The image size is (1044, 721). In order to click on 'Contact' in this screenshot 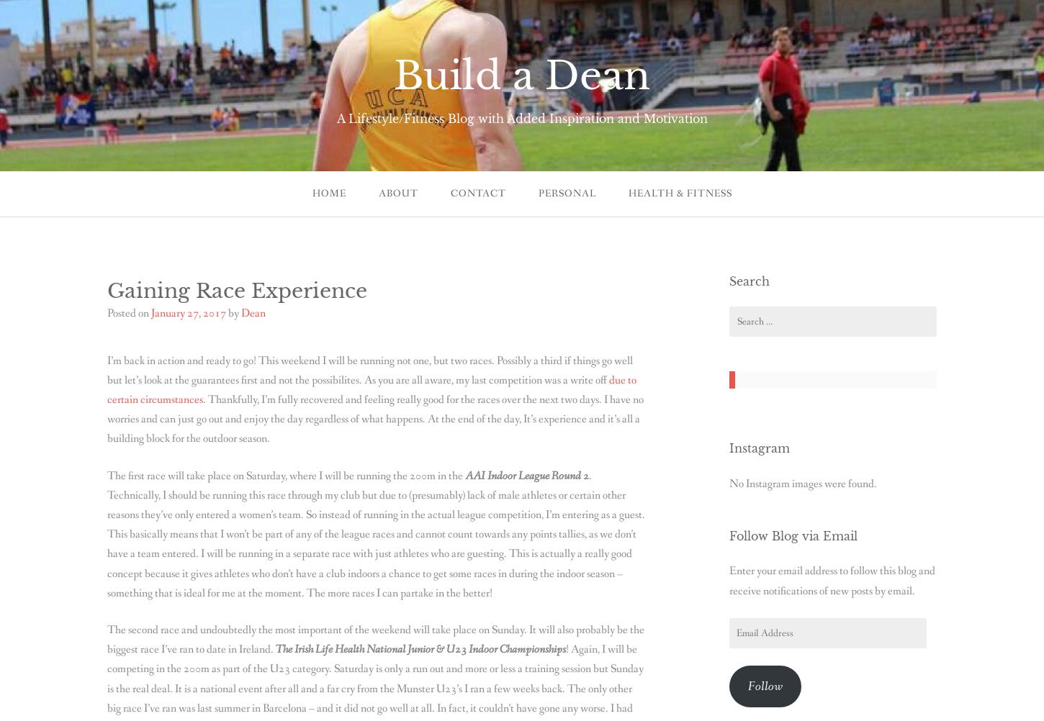, I will do `click(477, 193)`.